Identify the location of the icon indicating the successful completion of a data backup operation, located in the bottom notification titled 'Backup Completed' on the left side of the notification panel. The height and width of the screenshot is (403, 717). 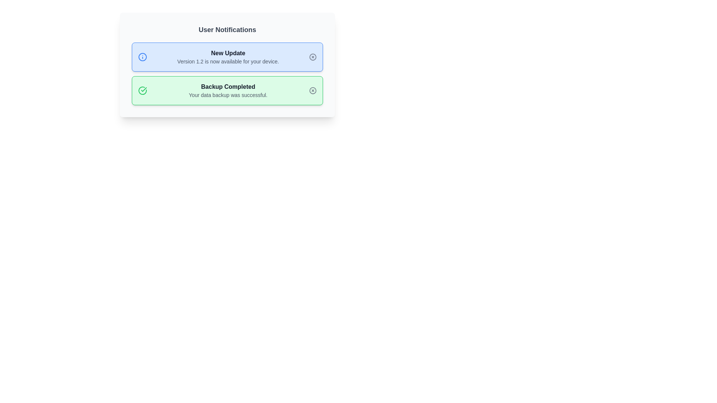
(143, 90).